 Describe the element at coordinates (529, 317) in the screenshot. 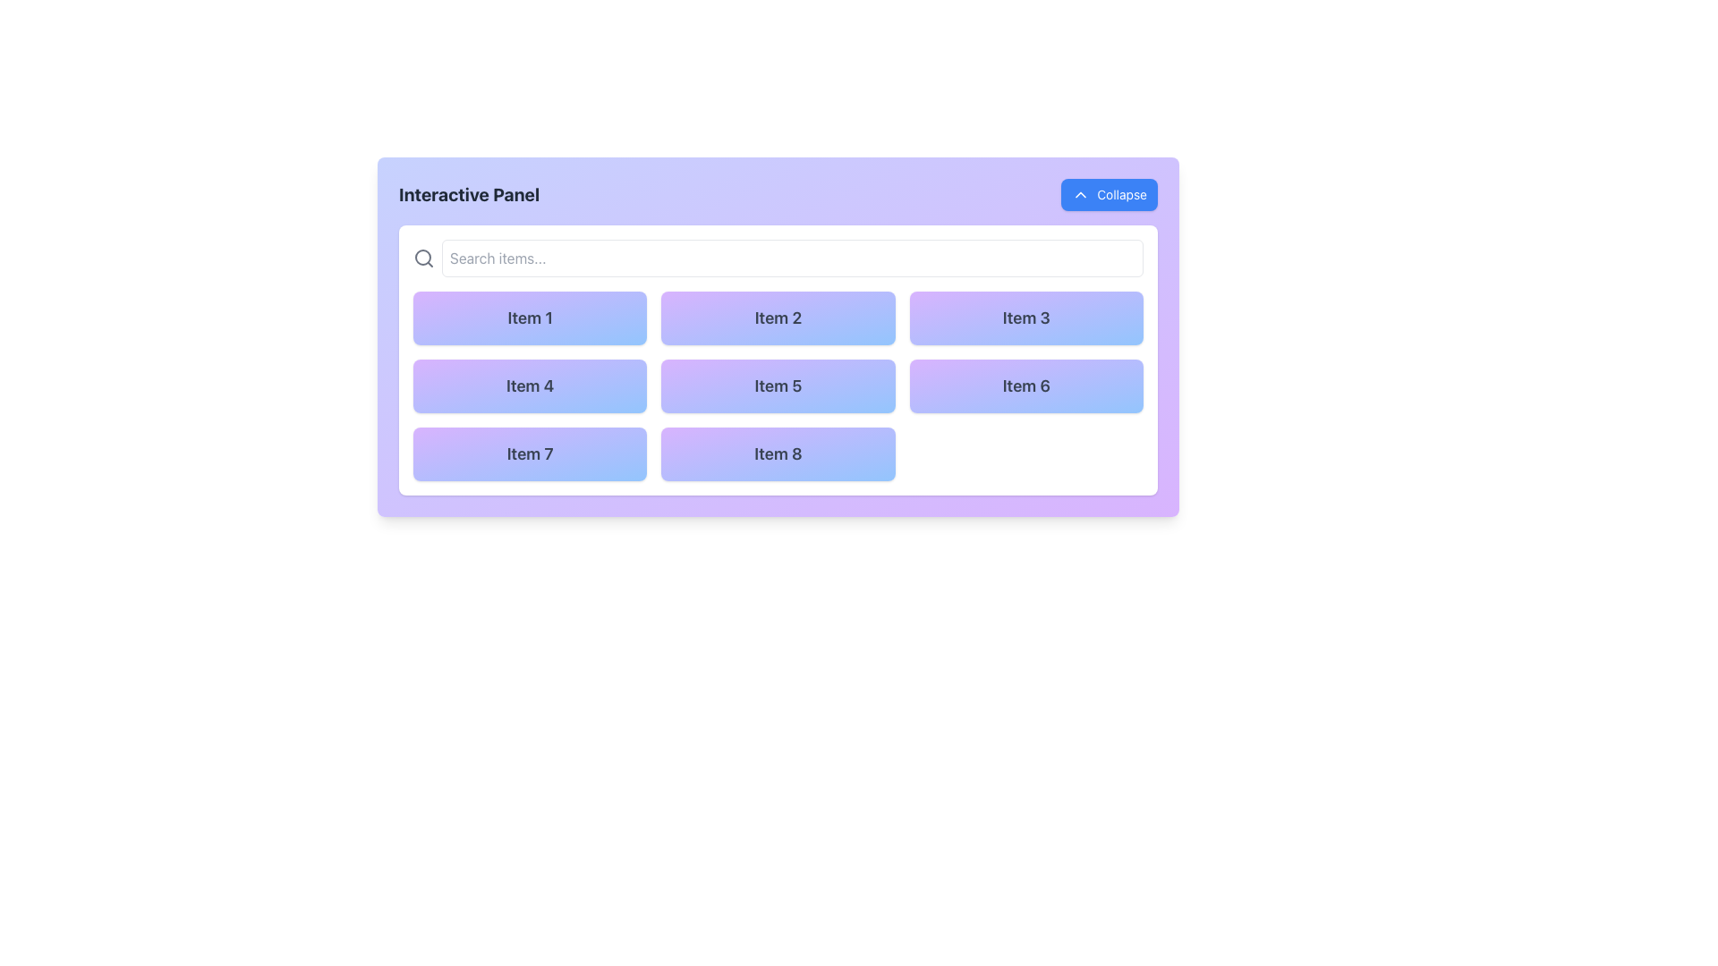

I see `the Grid Item with a gradient background from blue to purple, containing the text 'Item 1' in bold gray font, located in the top left corner of the grid layout` at that location.